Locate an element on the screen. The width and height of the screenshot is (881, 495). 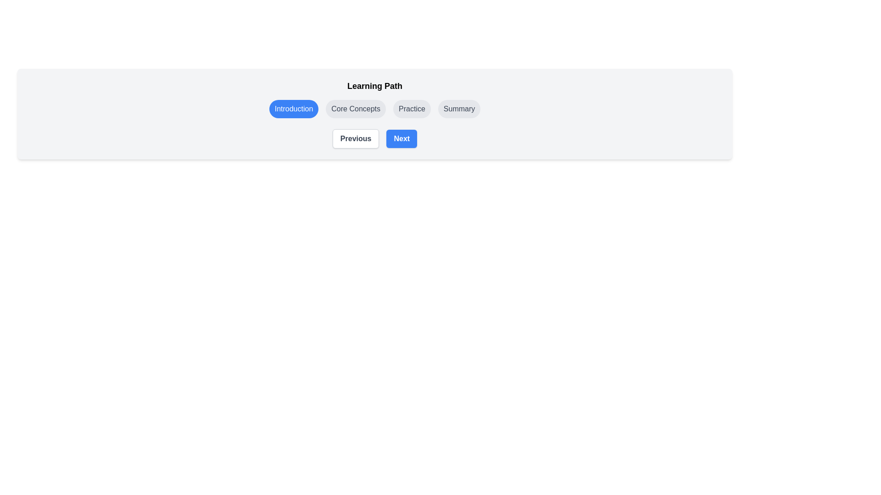
the step Introduction by clicking on its corresponding button is located at coordinates (293, 109).